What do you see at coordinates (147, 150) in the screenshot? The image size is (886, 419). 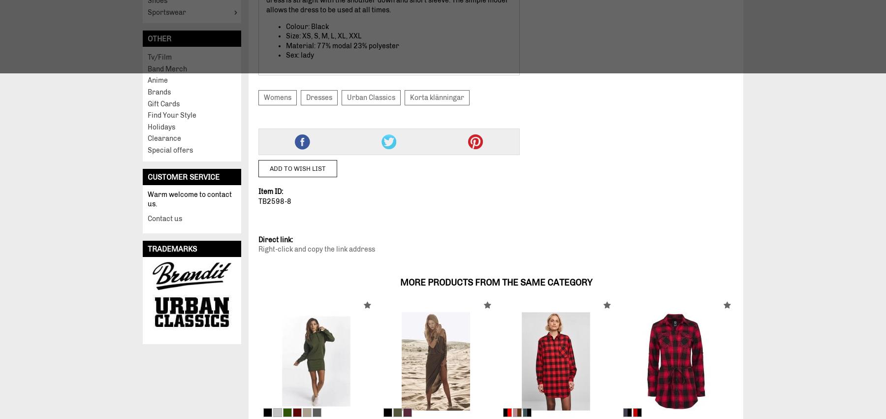 I see `'Special offers'` at bounding box center [147, 150].